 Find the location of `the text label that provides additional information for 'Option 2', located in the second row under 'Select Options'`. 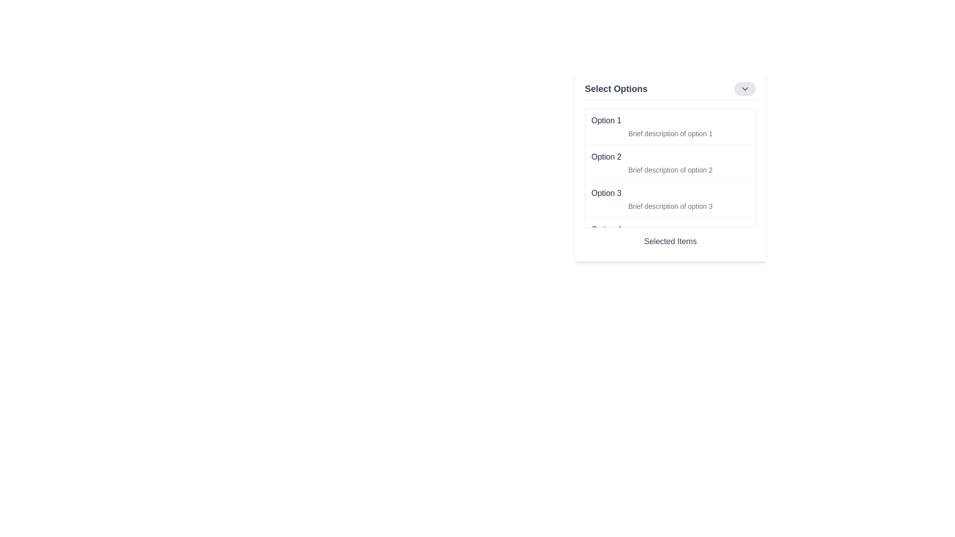

the text label that provides additional information for 'Option 2', located in the second row under 'Select Options' is located at coordinates (670, 170).